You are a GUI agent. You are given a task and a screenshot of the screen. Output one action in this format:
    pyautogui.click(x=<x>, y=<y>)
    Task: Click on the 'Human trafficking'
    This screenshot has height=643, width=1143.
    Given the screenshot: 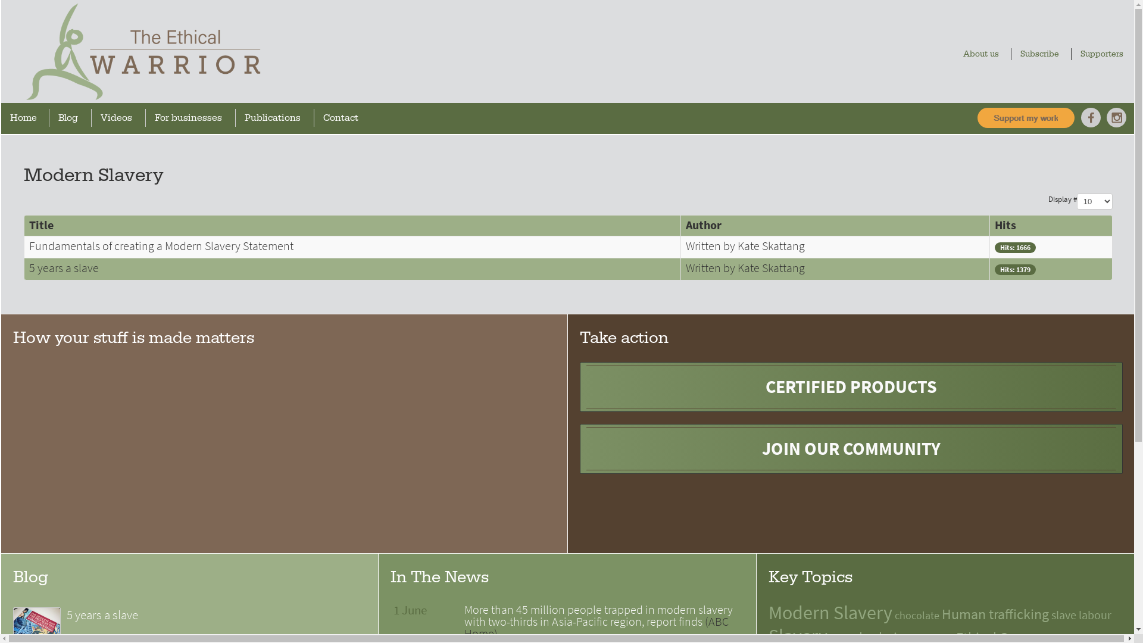 What is the action you would take?
    pyautogui.click(x=995, y=614)
    